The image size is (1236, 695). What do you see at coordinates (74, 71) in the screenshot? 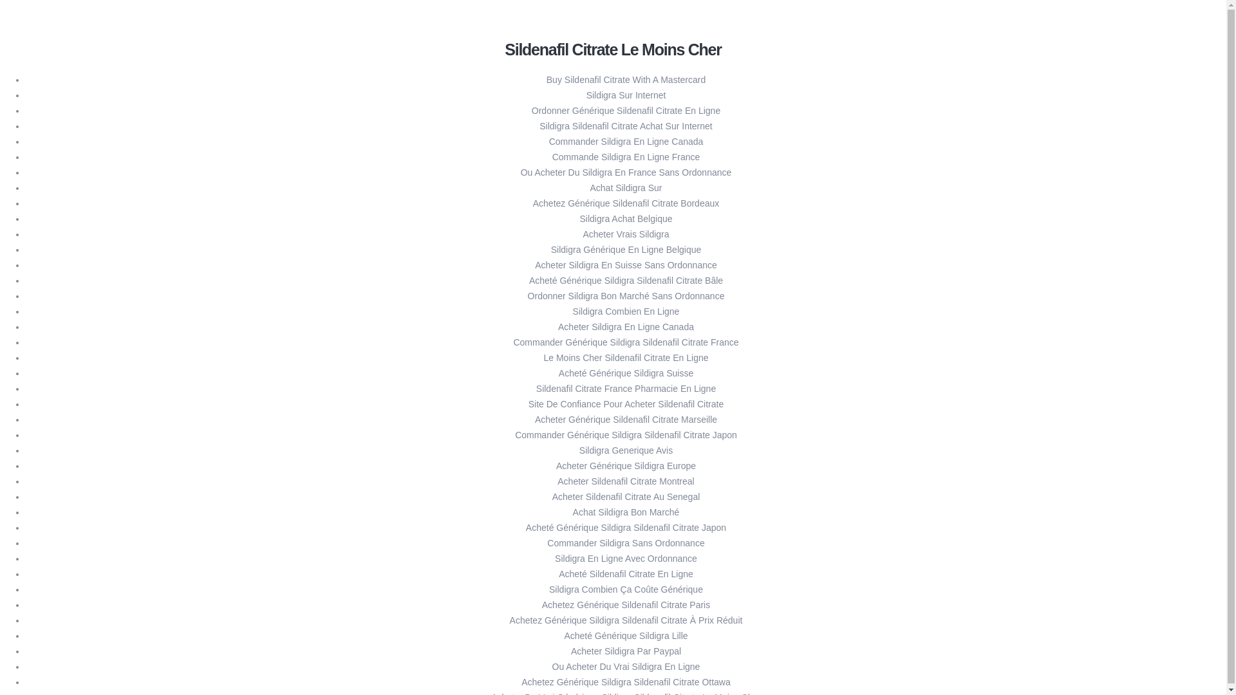
I see `'HOME'` at bounding box center [74, 71].